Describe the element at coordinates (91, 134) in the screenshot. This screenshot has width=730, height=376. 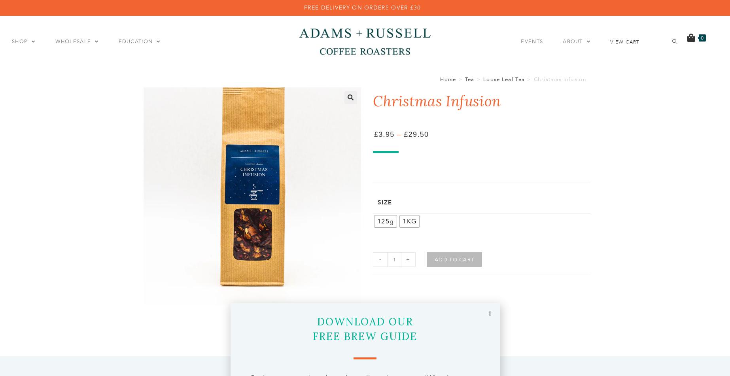
I see `'Exclusive'` at that location.